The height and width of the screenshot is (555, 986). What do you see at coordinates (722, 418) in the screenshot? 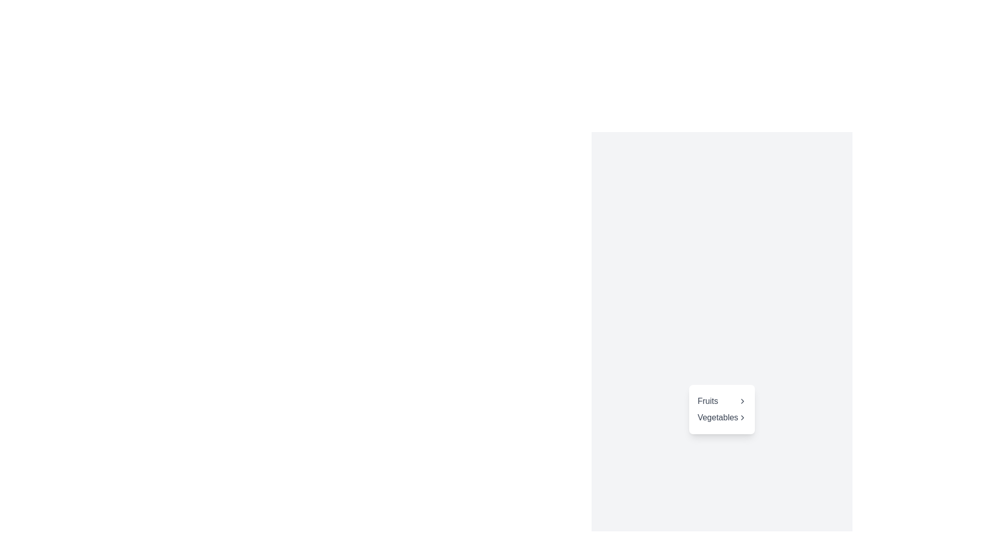
I see `on the second menu item labeled 'Vegetables' in the vertically stacked list of options` at bounding box center [722, 418].